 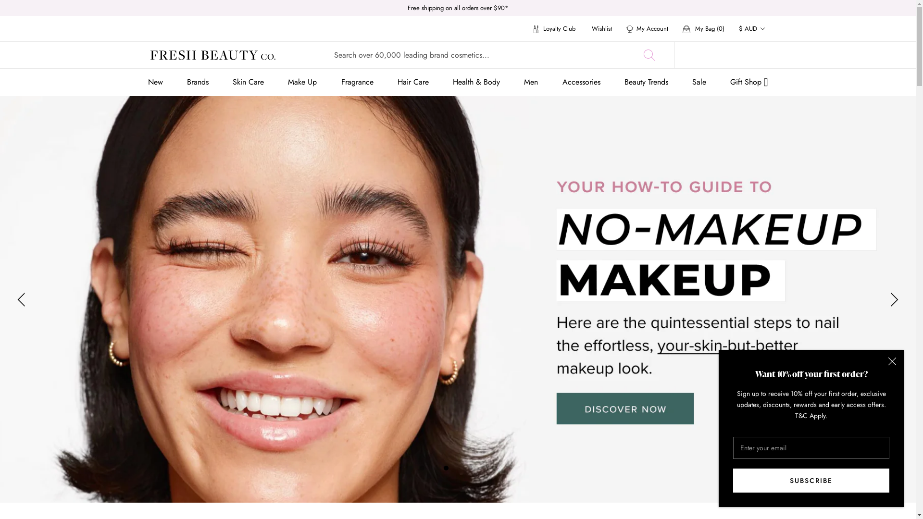 What do you see at coordinates (197, 81) in the screenshot?
I see `'Brands` at bounding box center [197, 81].